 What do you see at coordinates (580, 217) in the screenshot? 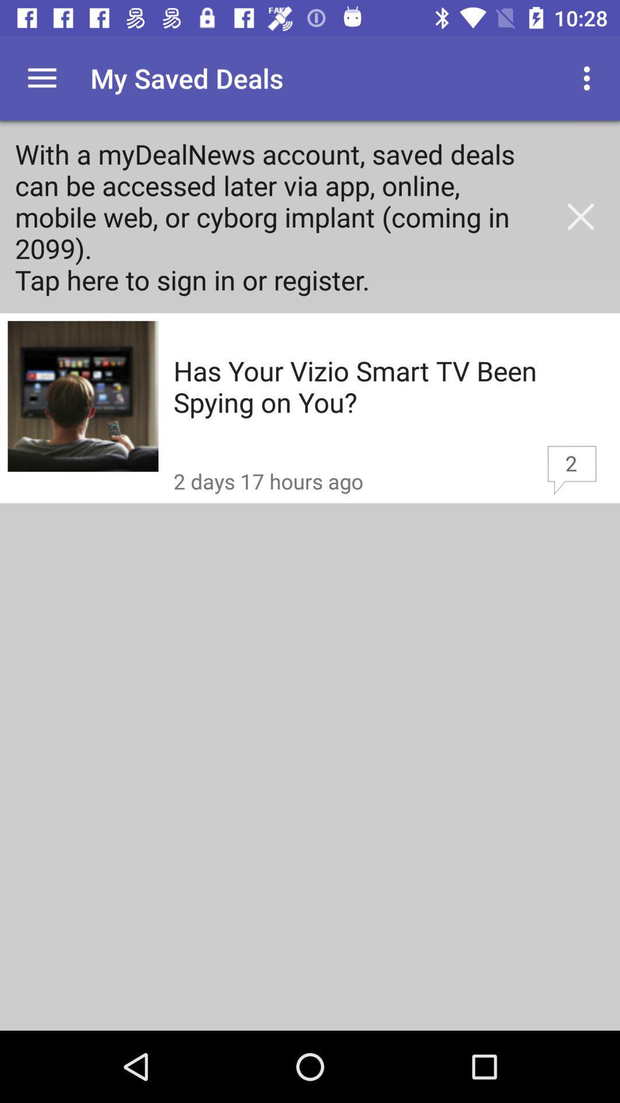
I see `the item next to the with a mydealnews icon` at bounding box center [580, 217].